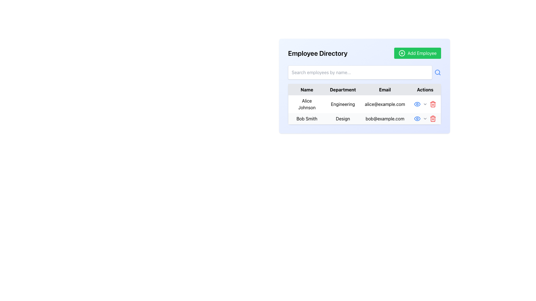  What do you see at coordinates (364, 110) in the screenshot?
I see `the first row in the Employee Directory table that displays employee details` at bounding box center [364, 110].